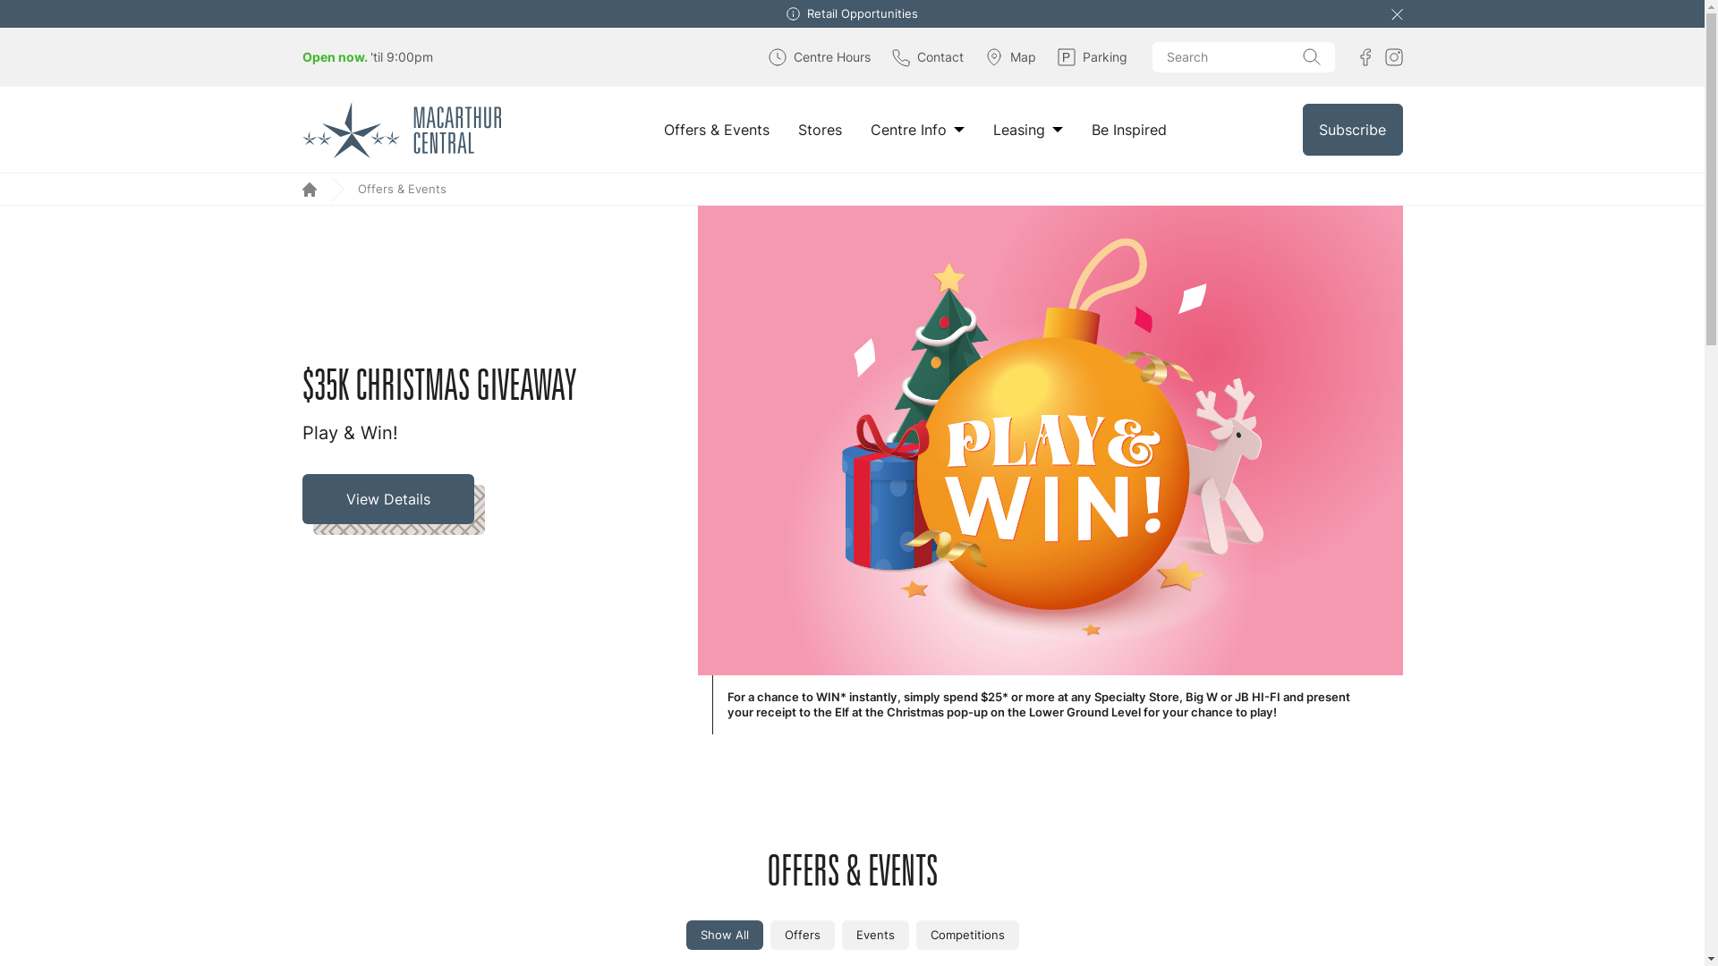 This screenshot has height=966, width=1718. I want to click on 'Events', so click(840, 934).